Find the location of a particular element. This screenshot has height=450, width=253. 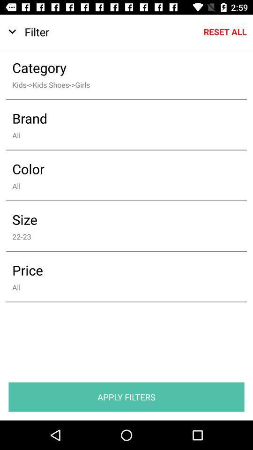

the kids kids shoes icon is located at coordinates (120, 84).